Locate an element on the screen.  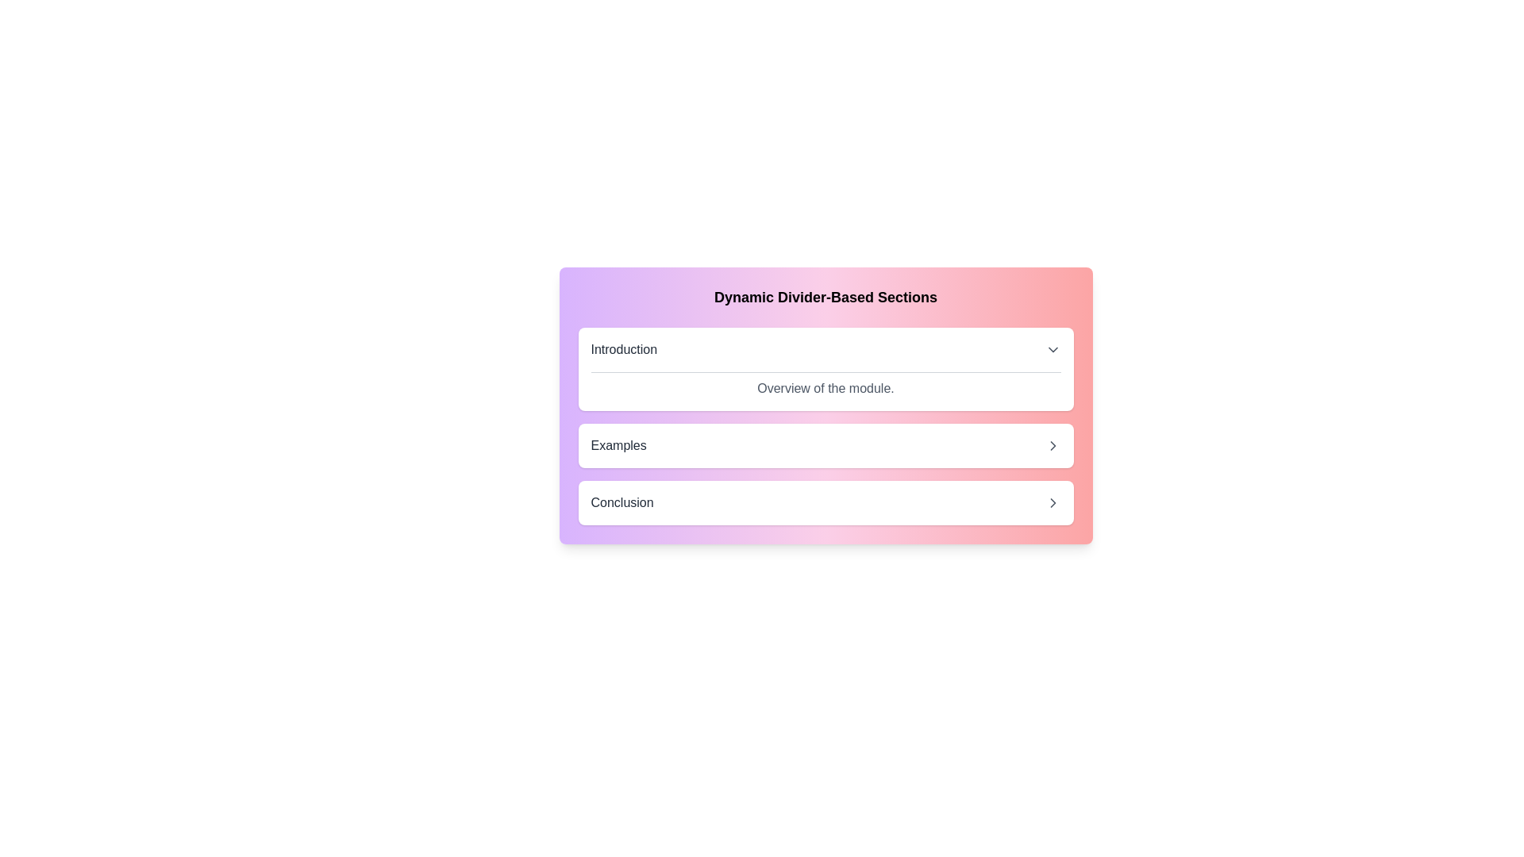
the downward-pointing chevron icon next to the 'Introduction' text label is located at coordinates (1053, 348).